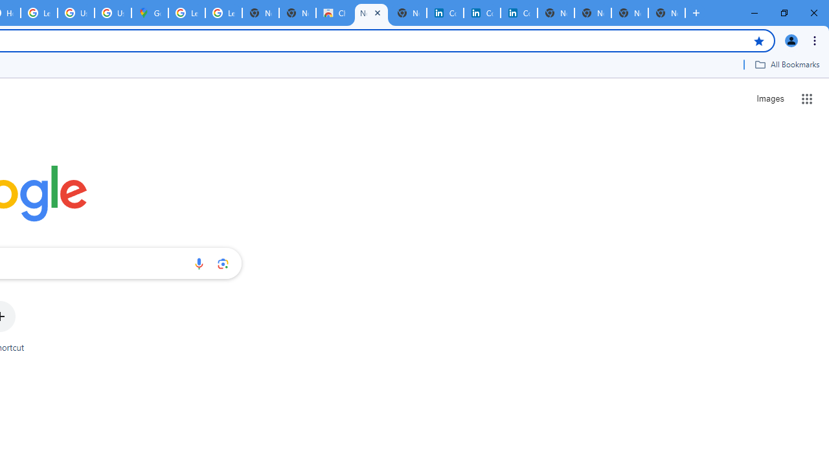 This screenshot has width=829, height=466. I want to click on 'Search by image', so click(223, 263).